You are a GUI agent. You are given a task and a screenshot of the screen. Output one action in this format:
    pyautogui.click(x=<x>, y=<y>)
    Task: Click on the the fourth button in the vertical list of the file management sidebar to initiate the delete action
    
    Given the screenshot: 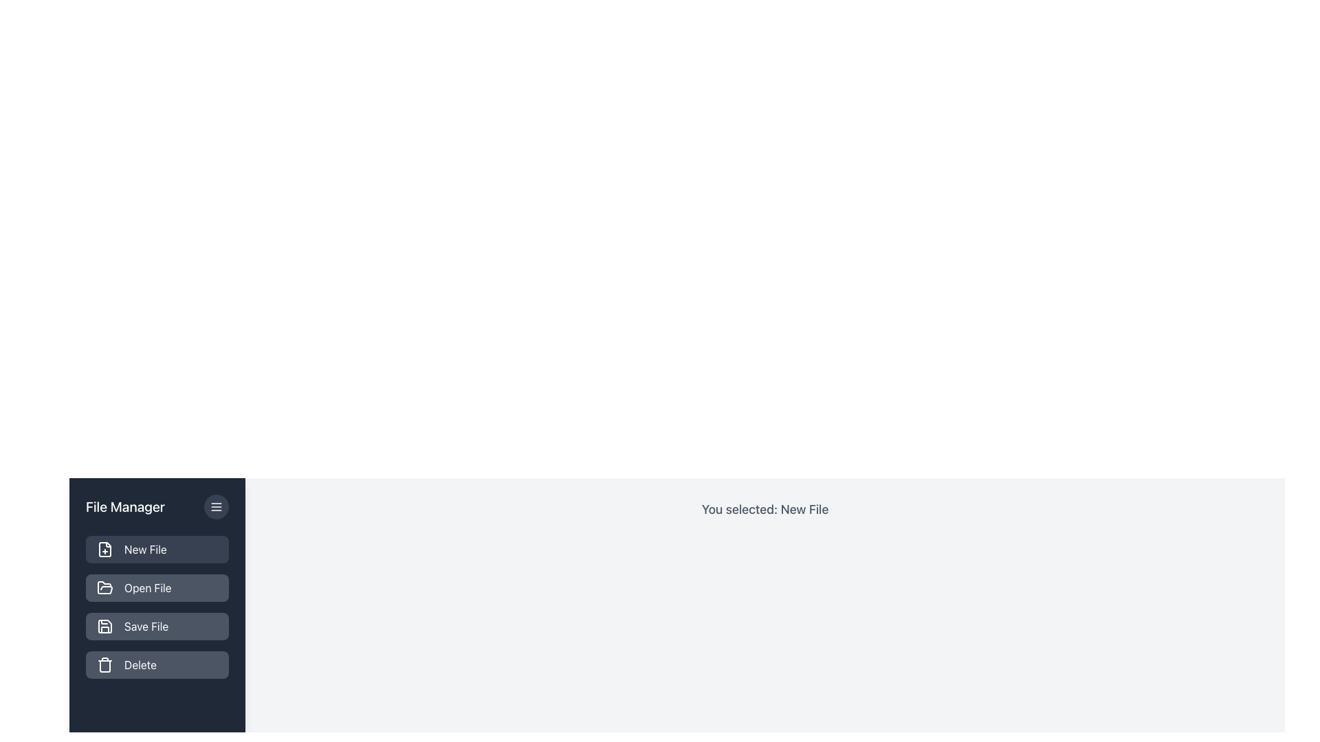 What is the action you would take?
    pyautogui.click(x=157, y=664)
    